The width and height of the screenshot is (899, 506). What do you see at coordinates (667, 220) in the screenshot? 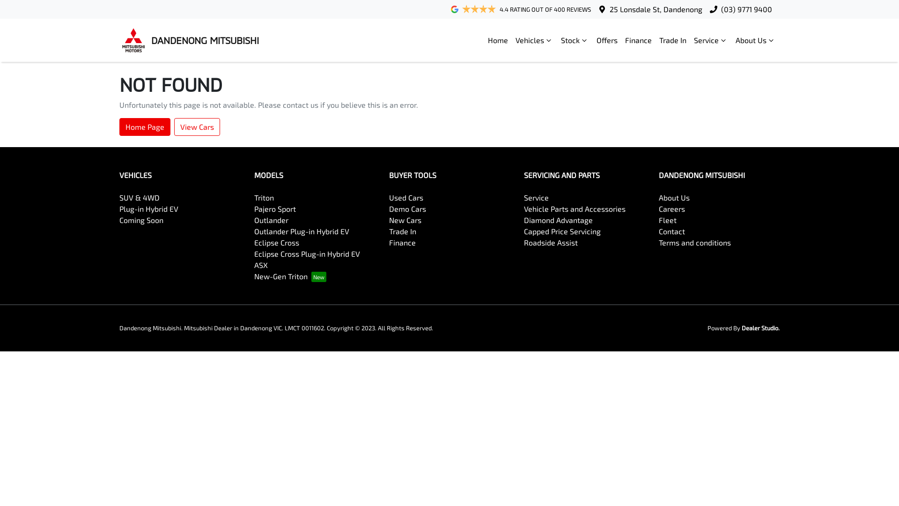
I see `'Fleet'` at bounding box center [667, 220].